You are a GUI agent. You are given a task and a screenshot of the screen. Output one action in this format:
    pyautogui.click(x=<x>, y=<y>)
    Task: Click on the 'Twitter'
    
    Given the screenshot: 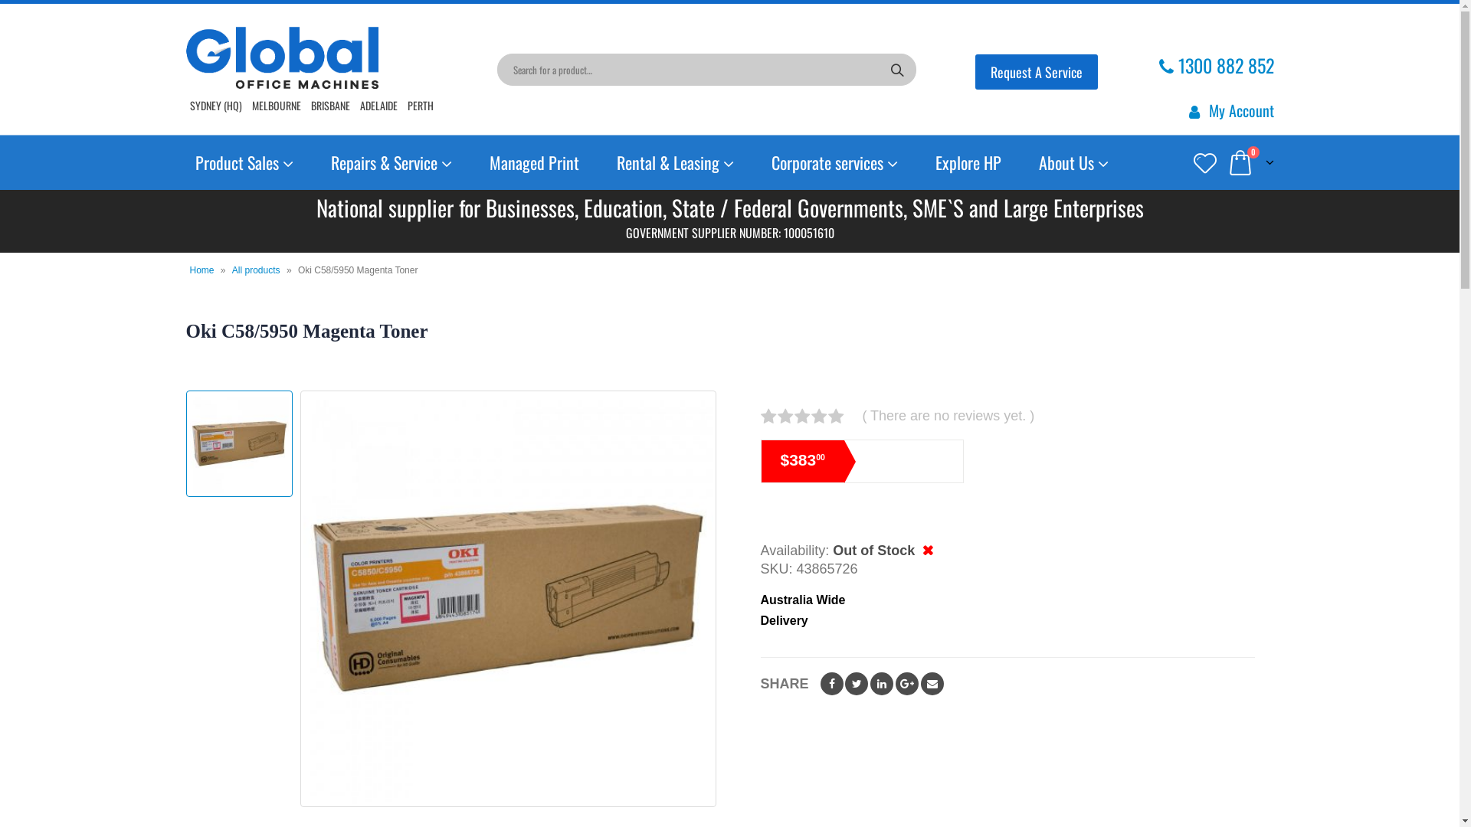 What is the action you would take?
    pyautogui.click(x=856, y=683)
    